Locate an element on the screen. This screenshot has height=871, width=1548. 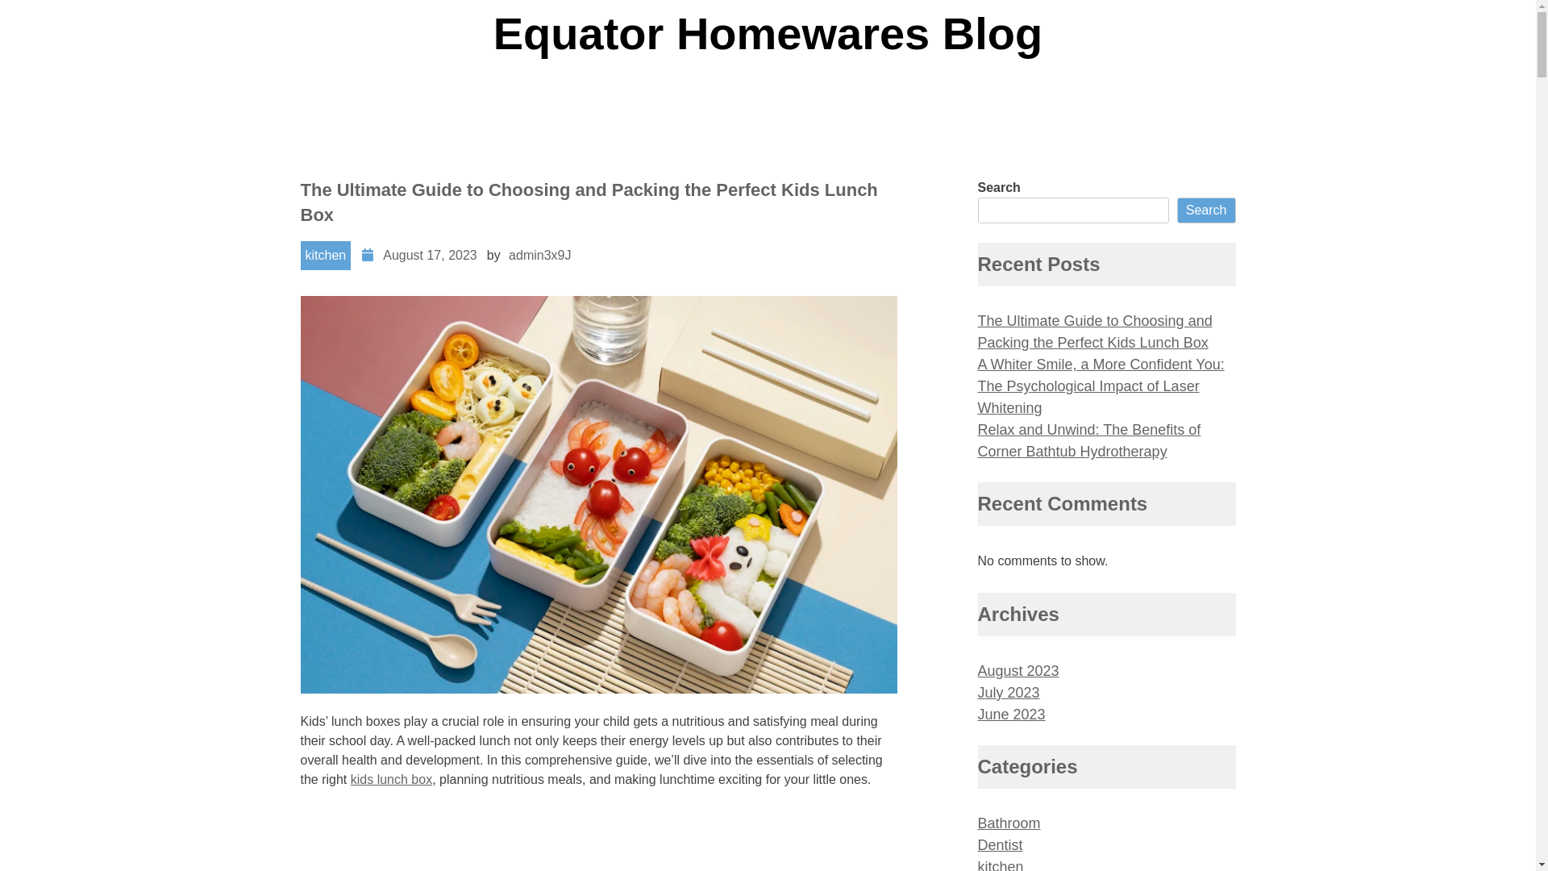
'kitchen' is located at coordinates (324, 254).